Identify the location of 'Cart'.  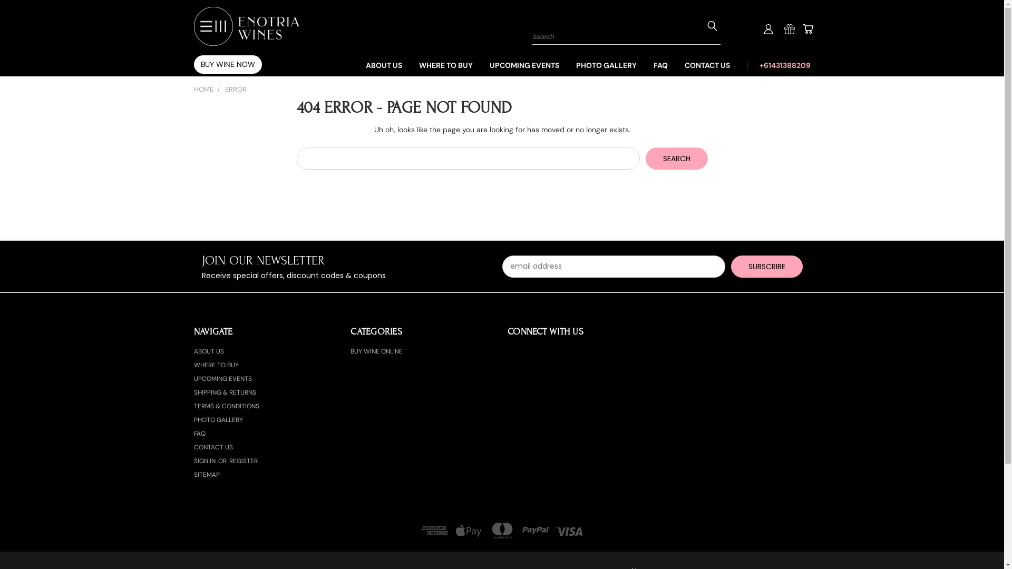
(806, 28).